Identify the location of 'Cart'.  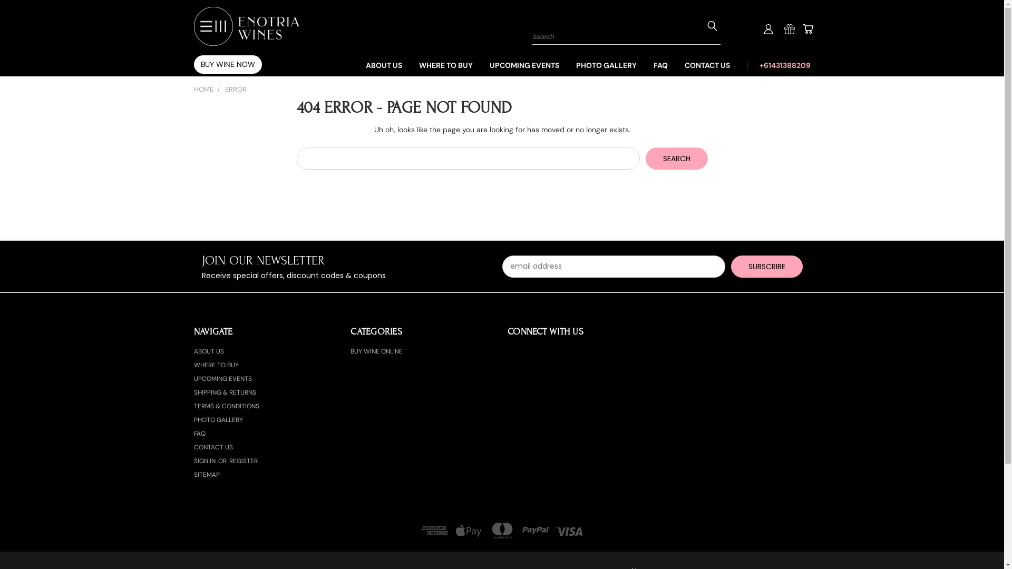
(806, 28).